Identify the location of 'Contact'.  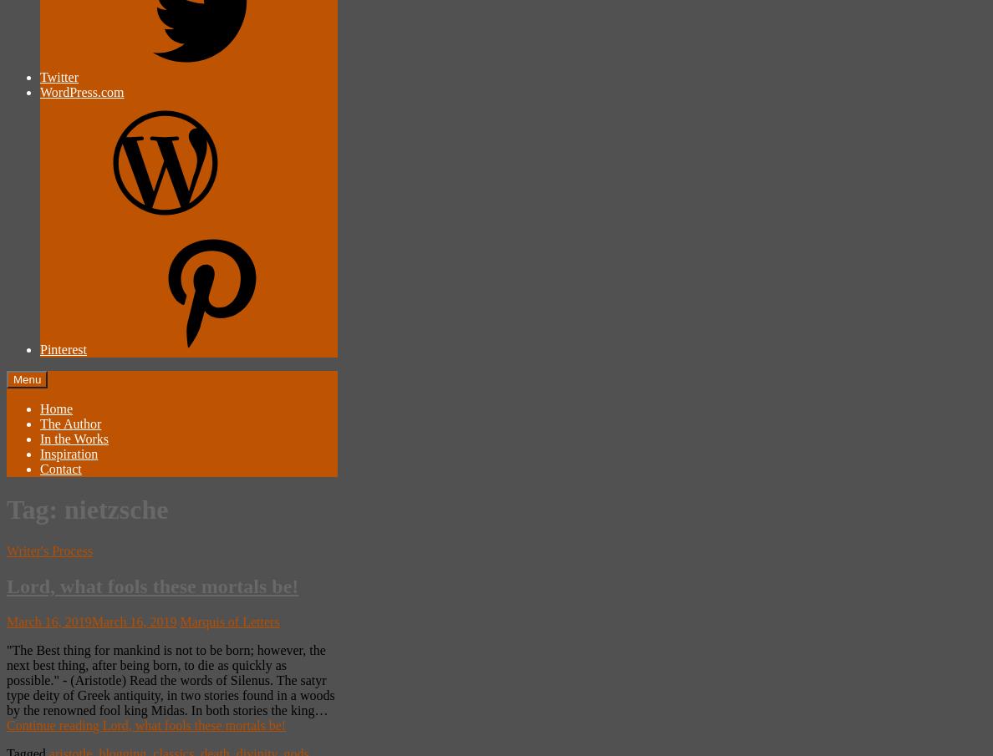
(38, 469).